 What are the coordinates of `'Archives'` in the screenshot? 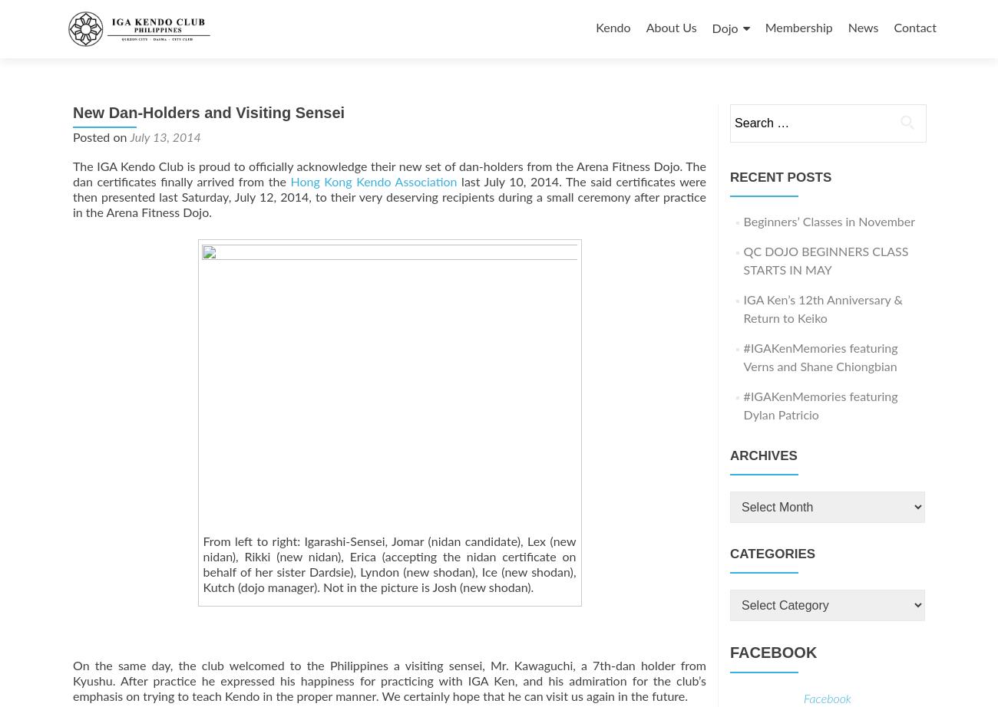 It's located at (762, 455).